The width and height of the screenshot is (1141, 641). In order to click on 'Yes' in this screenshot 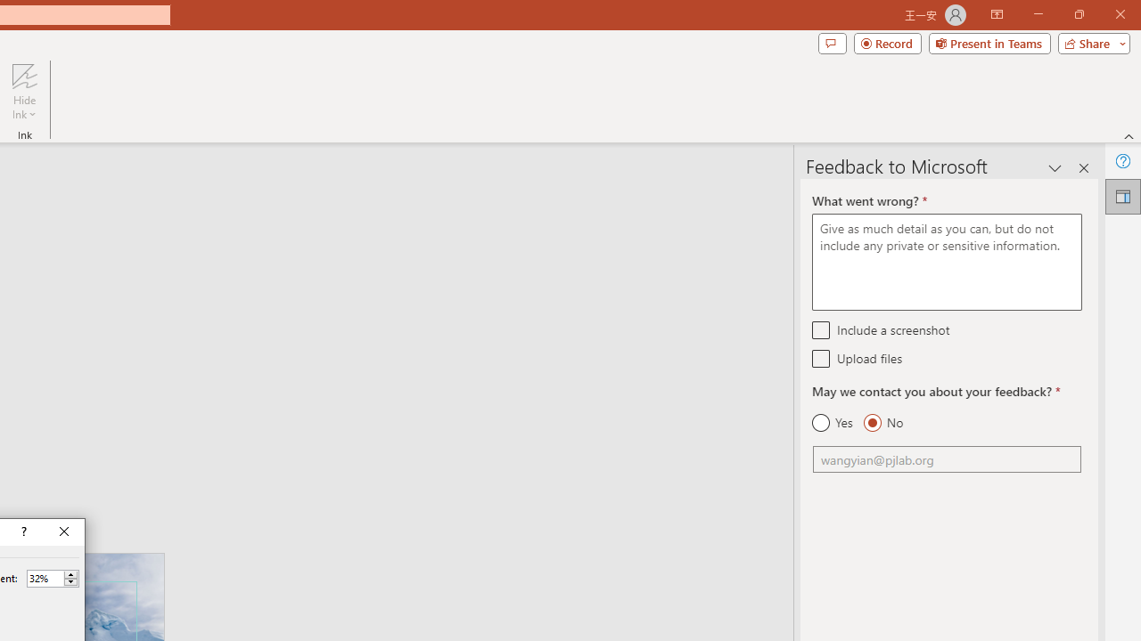, I will do `click(832, 423)`.